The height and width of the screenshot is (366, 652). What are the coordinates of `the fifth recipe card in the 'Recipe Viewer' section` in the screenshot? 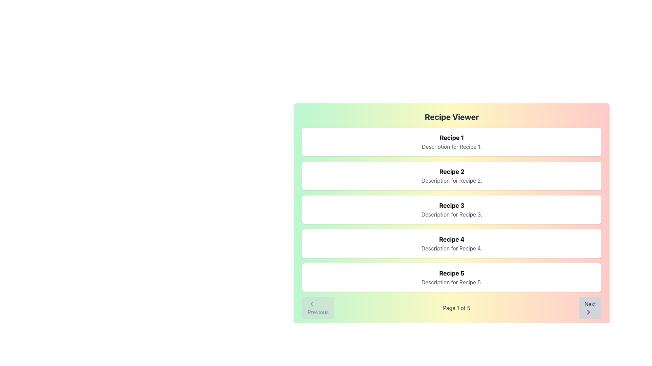 It's located at (452, 277).